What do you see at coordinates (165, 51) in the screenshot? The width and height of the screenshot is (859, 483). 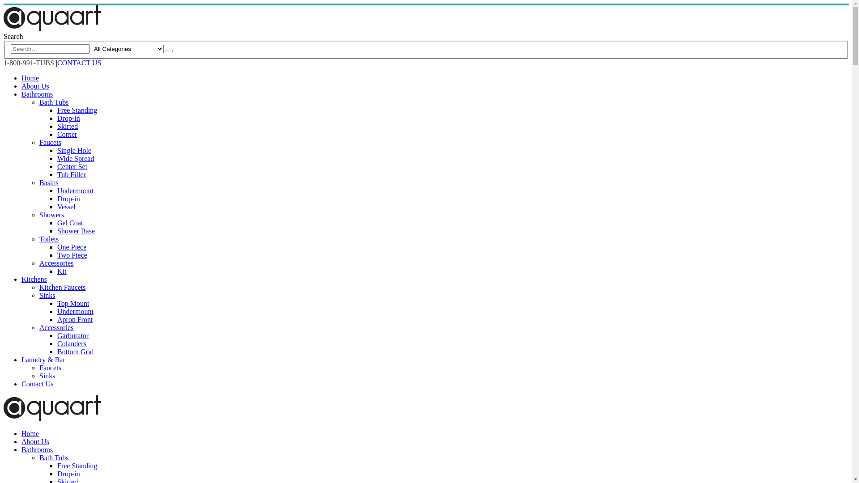 I see `'Search'` at bounding box center [165, 51].